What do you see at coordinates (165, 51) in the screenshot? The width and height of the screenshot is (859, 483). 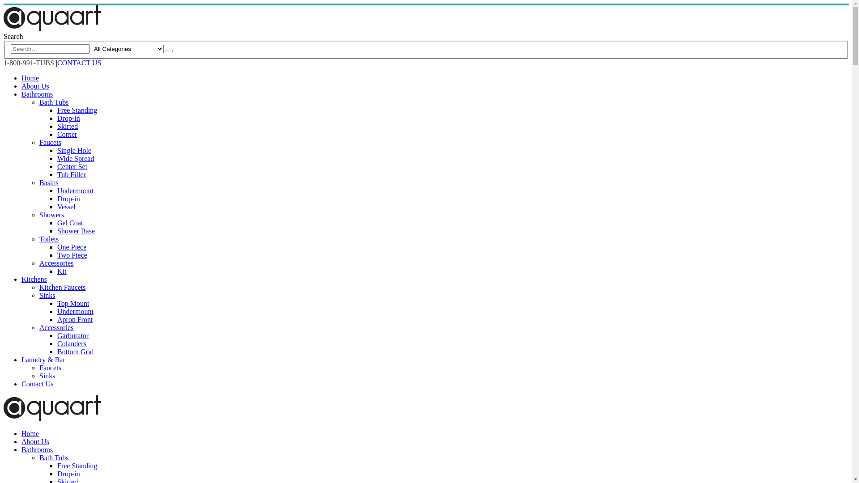 I see `'Search'` at bounding box center [165, 51].